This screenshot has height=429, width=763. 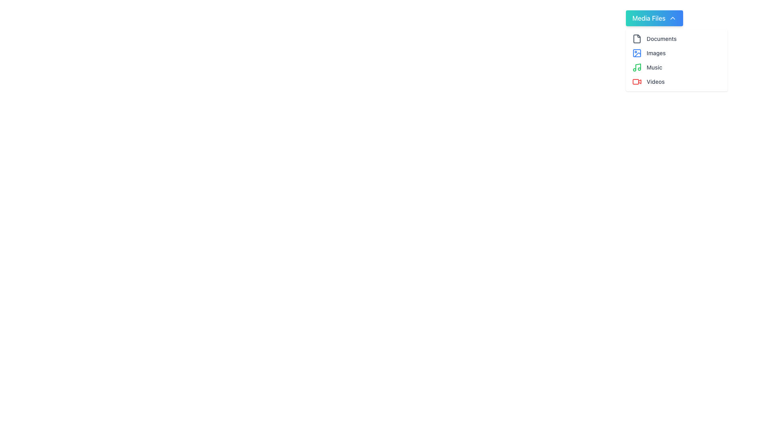 What do you see at coordinates (637, 67) in the screenshot?
I see `the music icon, which is styled in green and located to the left of the 'Music' text label in the 'Media Files' drop-down menu` at bounding box center [637, 67].